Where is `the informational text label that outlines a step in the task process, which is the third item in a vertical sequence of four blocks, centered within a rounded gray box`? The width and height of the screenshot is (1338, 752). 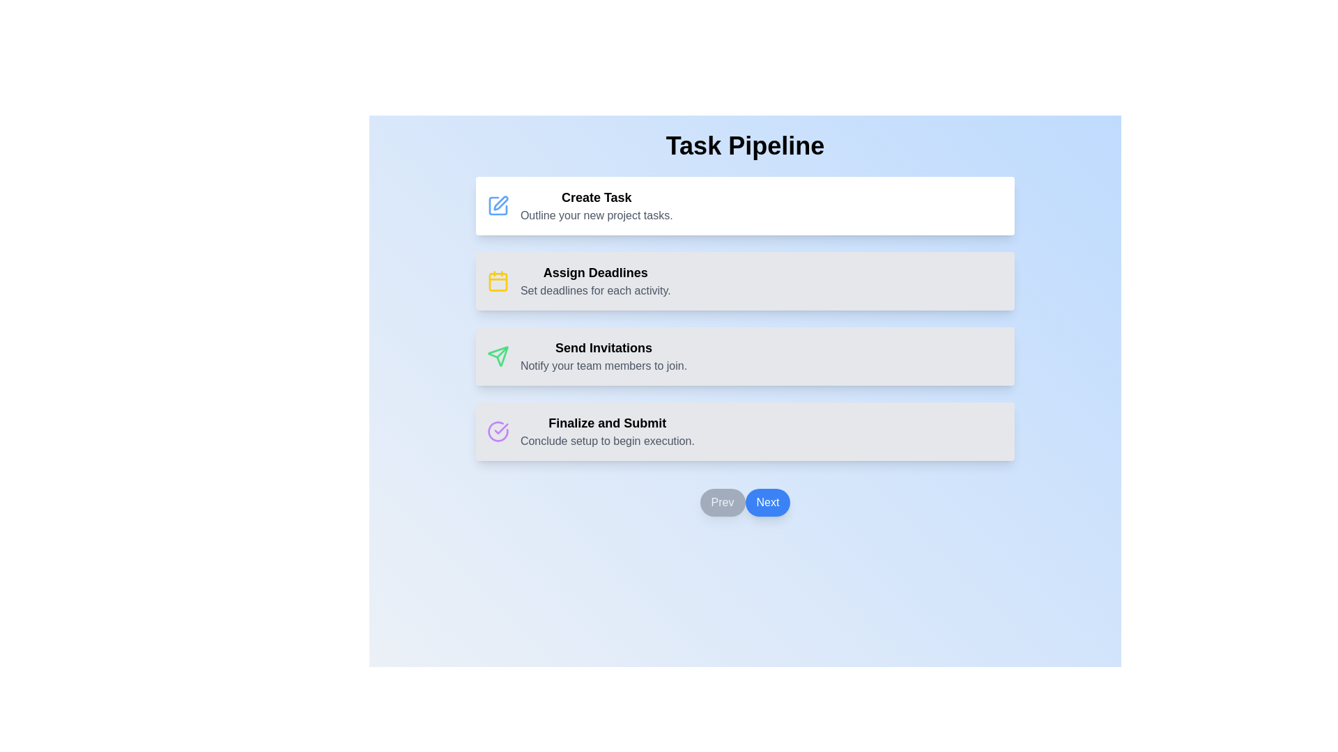 the informational text label that outlines a step in the task process, which is the third item in a vertical sequence of four blocks, centered within a rounded gray box is located at coordinates (603, 356).